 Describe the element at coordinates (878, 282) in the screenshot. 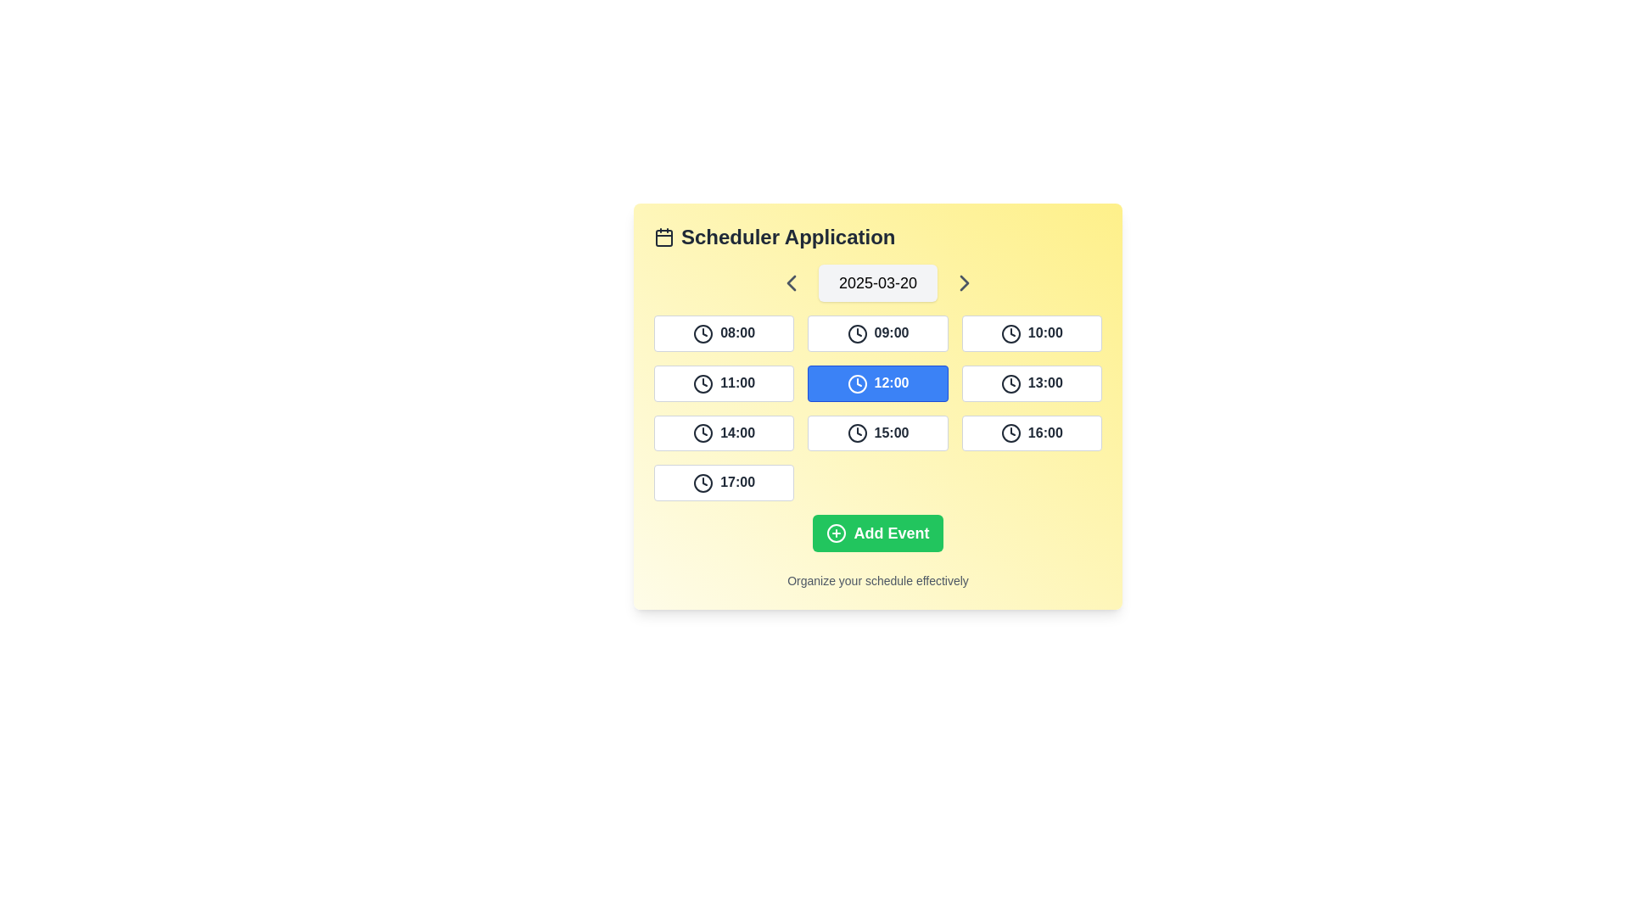

I see `the date display label element located centrally in the header section of the scheduling application interface` at that location.